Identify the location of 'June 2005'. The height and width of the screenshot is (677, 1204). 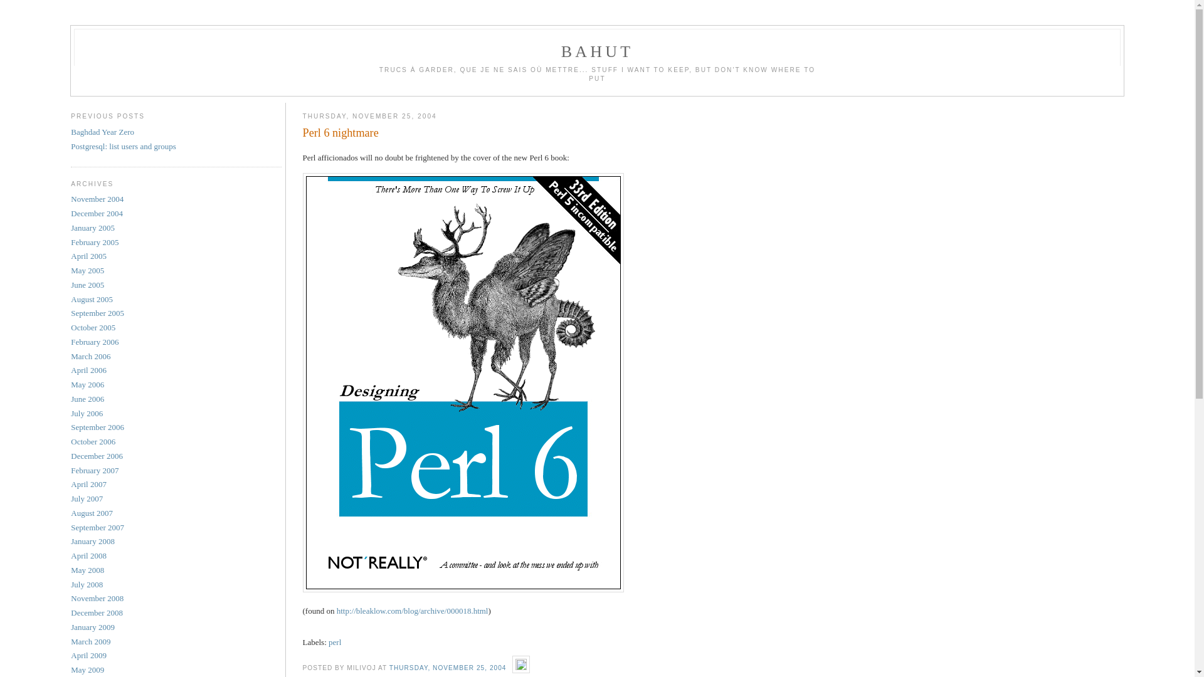
(87, 285).